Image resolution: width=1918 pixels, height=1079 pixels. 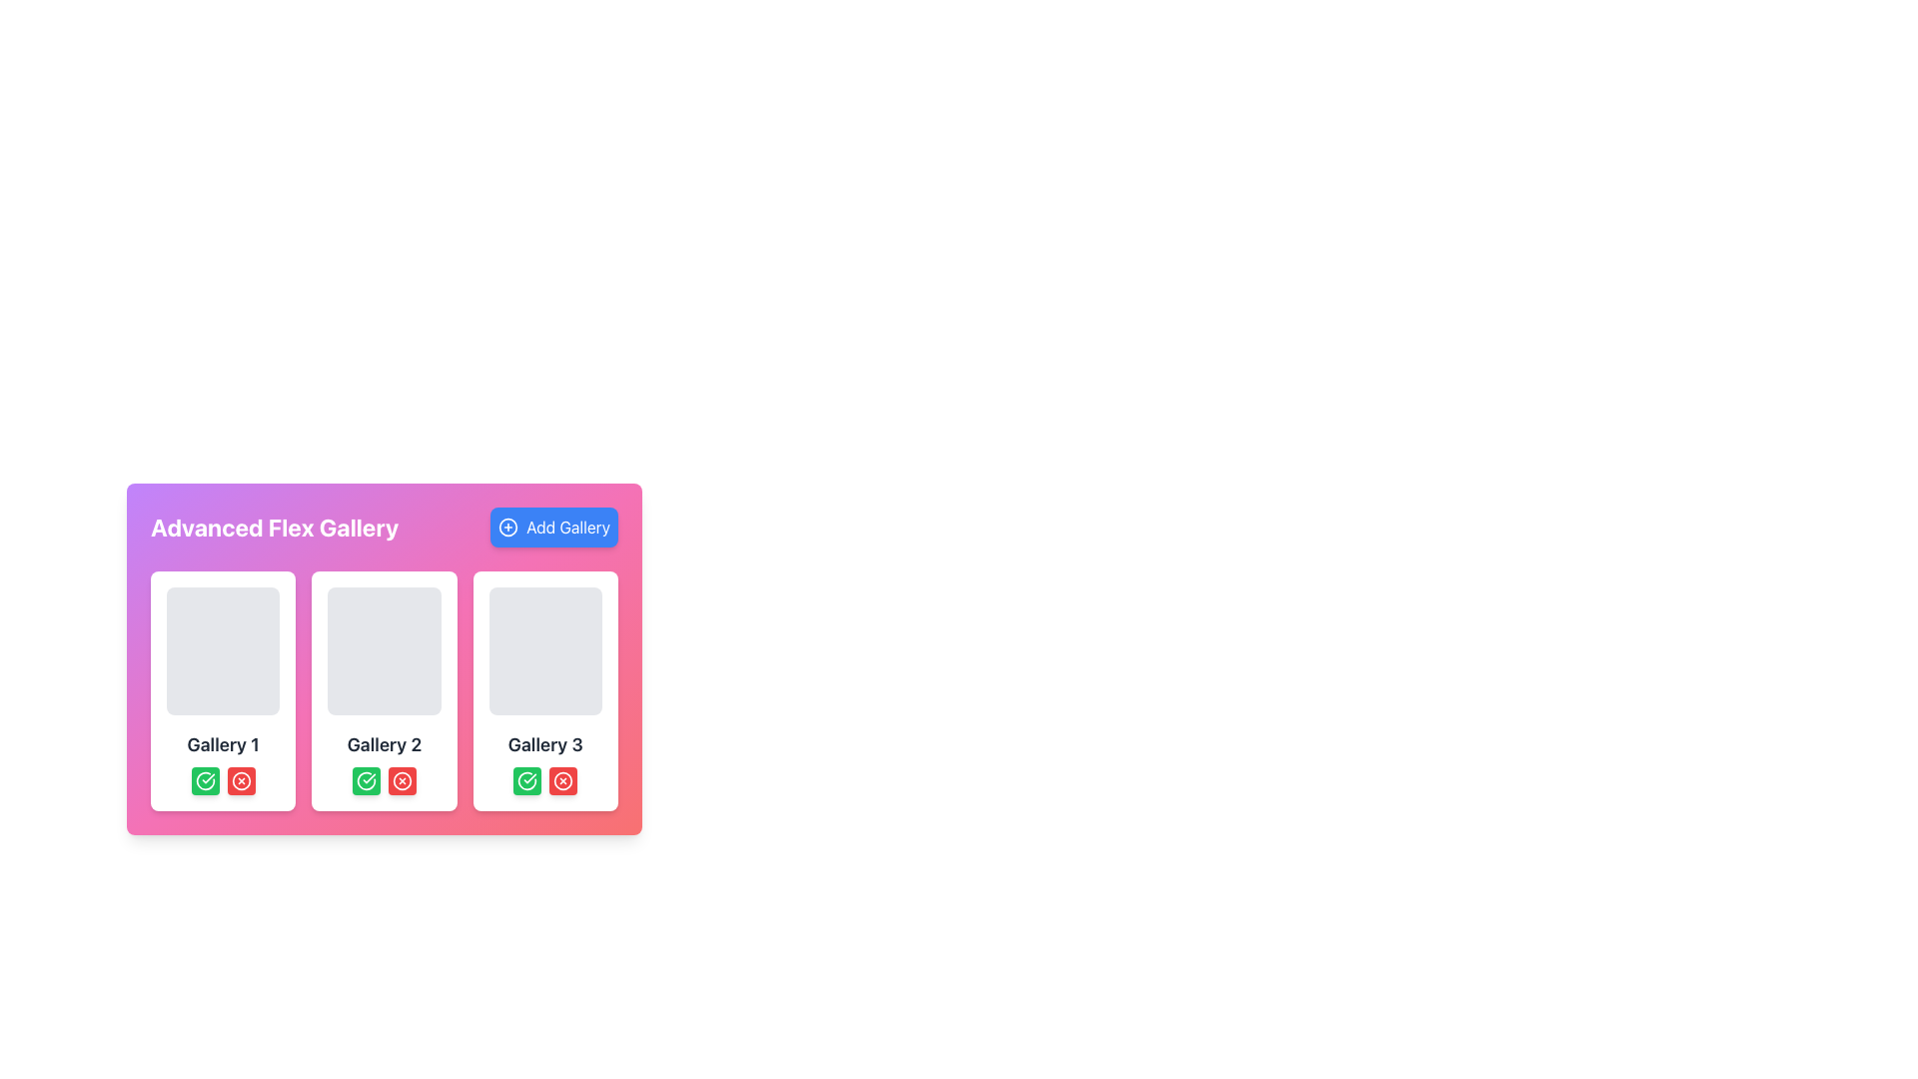 I want to click on the red circular icon button located at the bottom-right corner of the first gallery card, so click(x=240, y=780).